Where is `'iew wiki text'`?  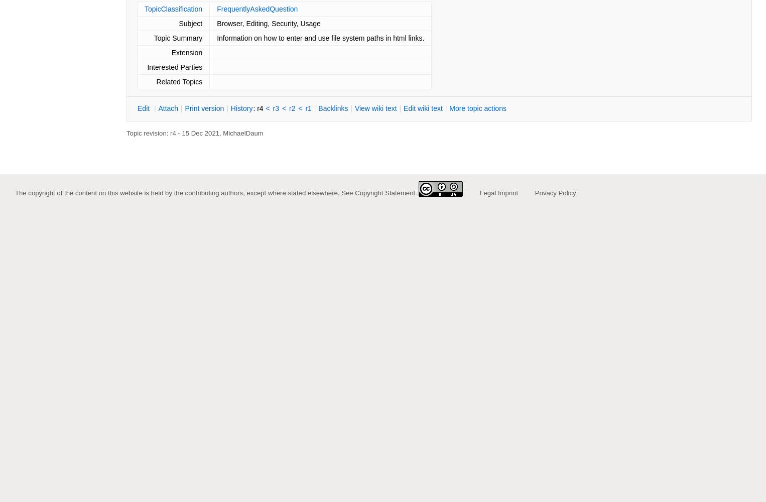
'iew wiki text' is located at coordinates (377, 108).